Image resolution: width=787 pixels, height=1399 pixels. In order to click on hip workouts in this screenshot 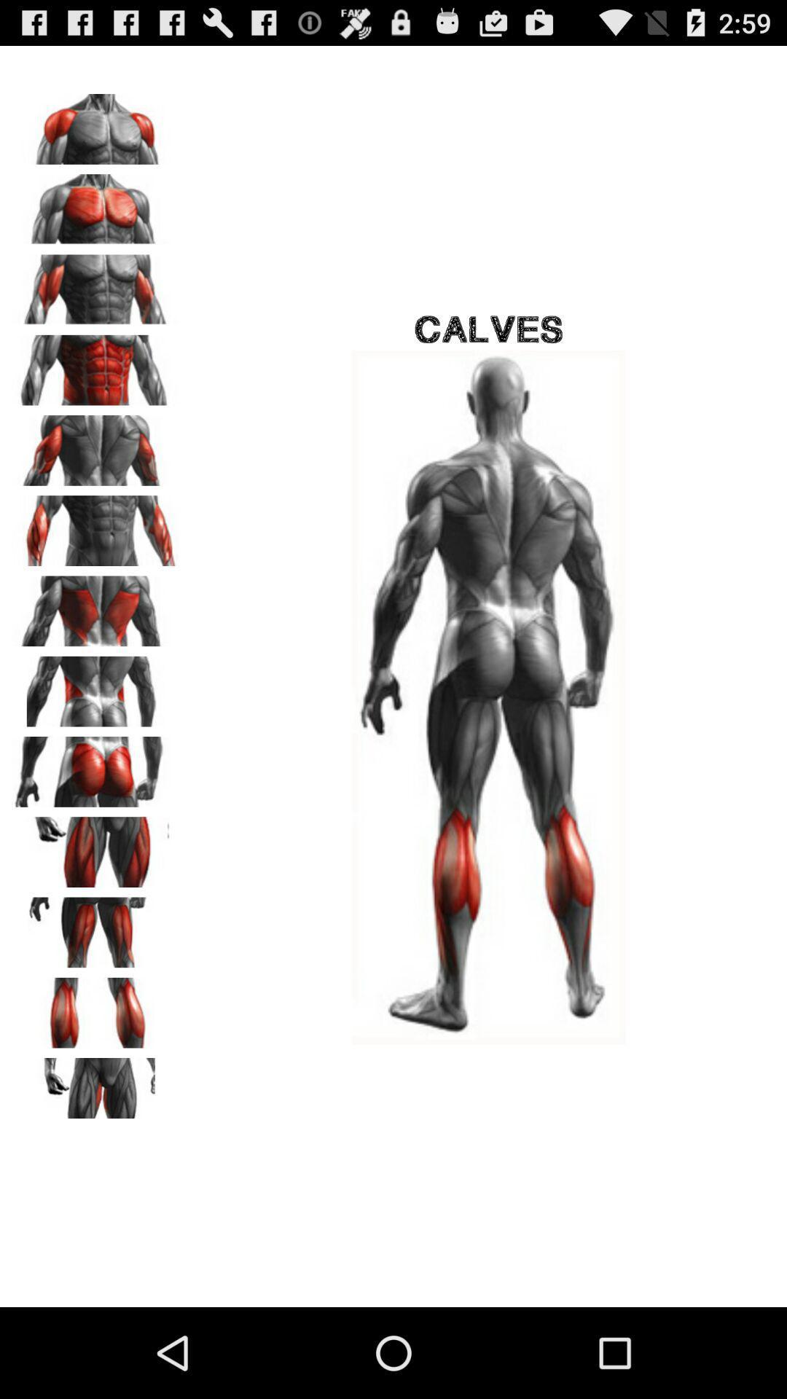, I will do `click(95, 686)`.